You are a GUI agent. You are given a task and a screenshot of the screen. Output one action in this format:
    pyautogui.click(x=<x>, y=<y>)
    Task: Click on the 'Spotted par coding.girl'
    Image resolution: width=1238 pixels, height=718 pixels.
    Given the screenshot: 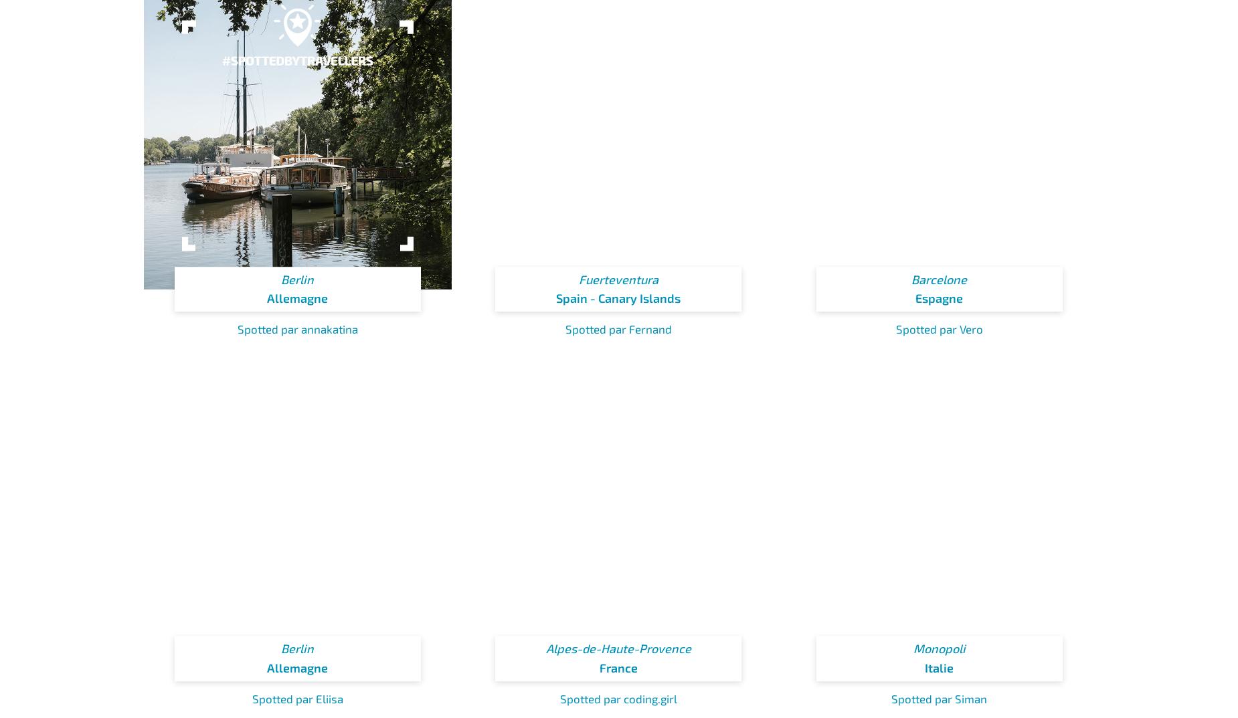 What is the action you would take?
    pyautogui.click(x=618, y=698)
    